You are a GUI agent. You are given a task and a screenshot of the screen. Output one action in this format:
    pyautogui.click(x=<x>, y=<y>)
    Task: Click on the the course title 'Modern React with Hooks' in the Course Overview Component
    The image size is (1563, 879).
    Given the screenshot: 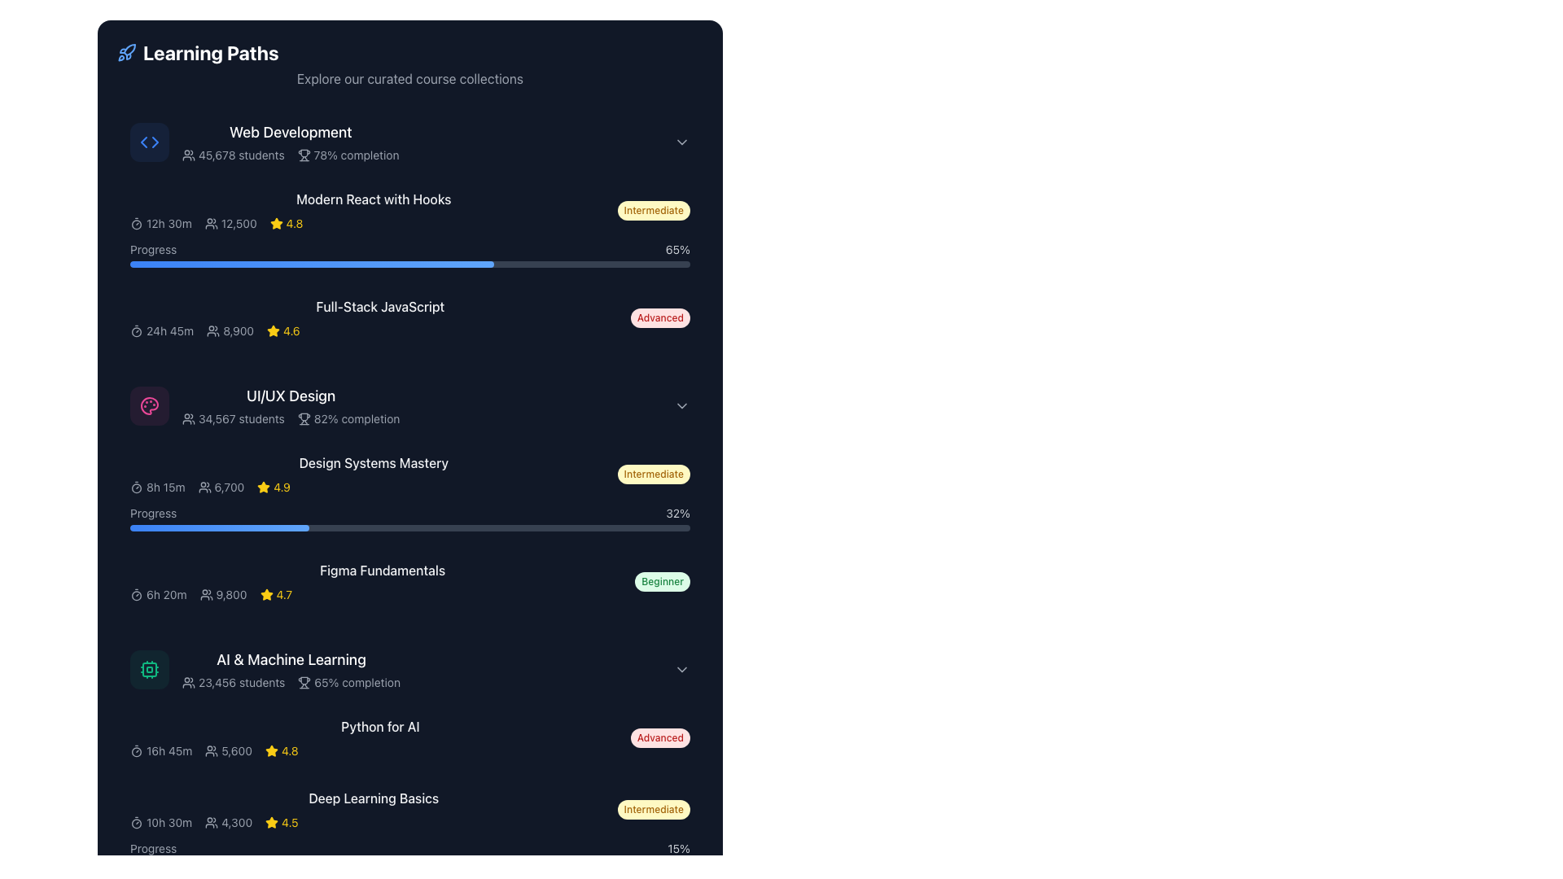 What is the action you would take?
    pyautogui.click(x=410, y=263)
    